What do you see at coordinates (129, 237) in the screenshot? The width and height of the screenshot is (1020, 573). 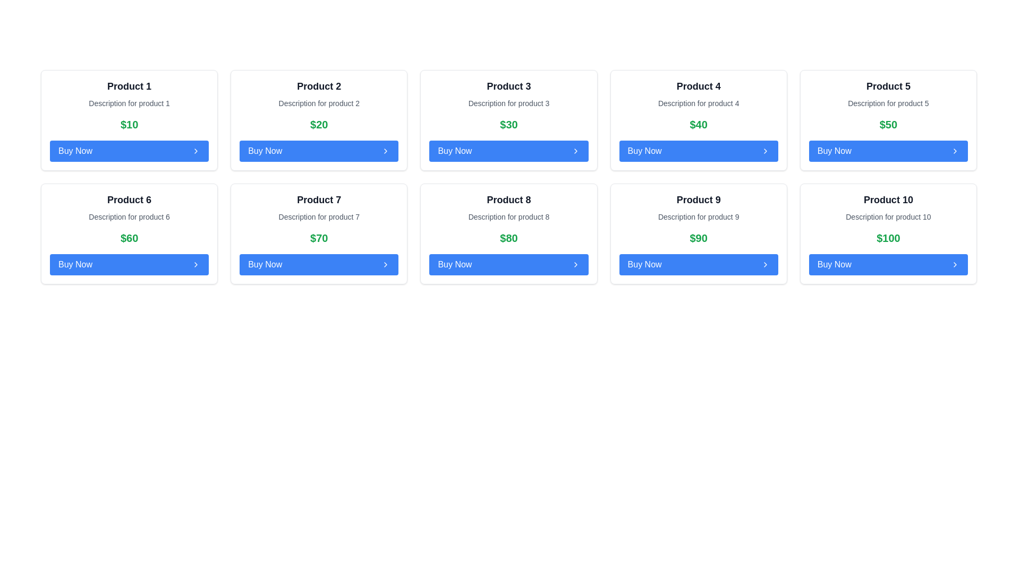 I see `the static text element displaying the price '$60', which is located beneath the product description of 'Product 6' and above the 'Buy Now' button in the product card` at bounding box center [129, 237].